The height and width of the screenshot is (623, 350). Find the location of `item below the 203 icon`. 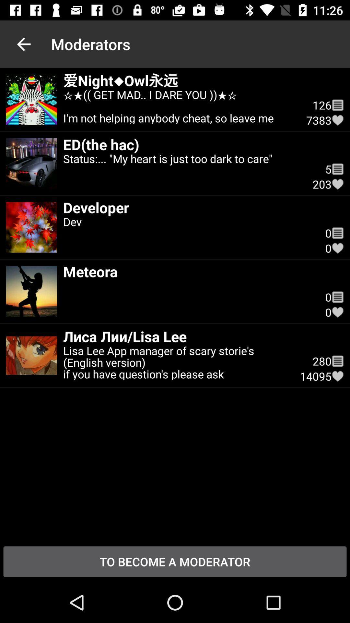

item below the 203 icon is located at coordinates (337, 233).